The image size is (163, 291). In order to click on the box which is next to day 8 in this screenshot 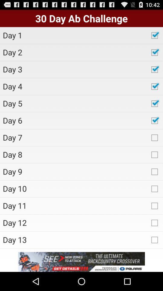, I will do `click(154, 154)`.